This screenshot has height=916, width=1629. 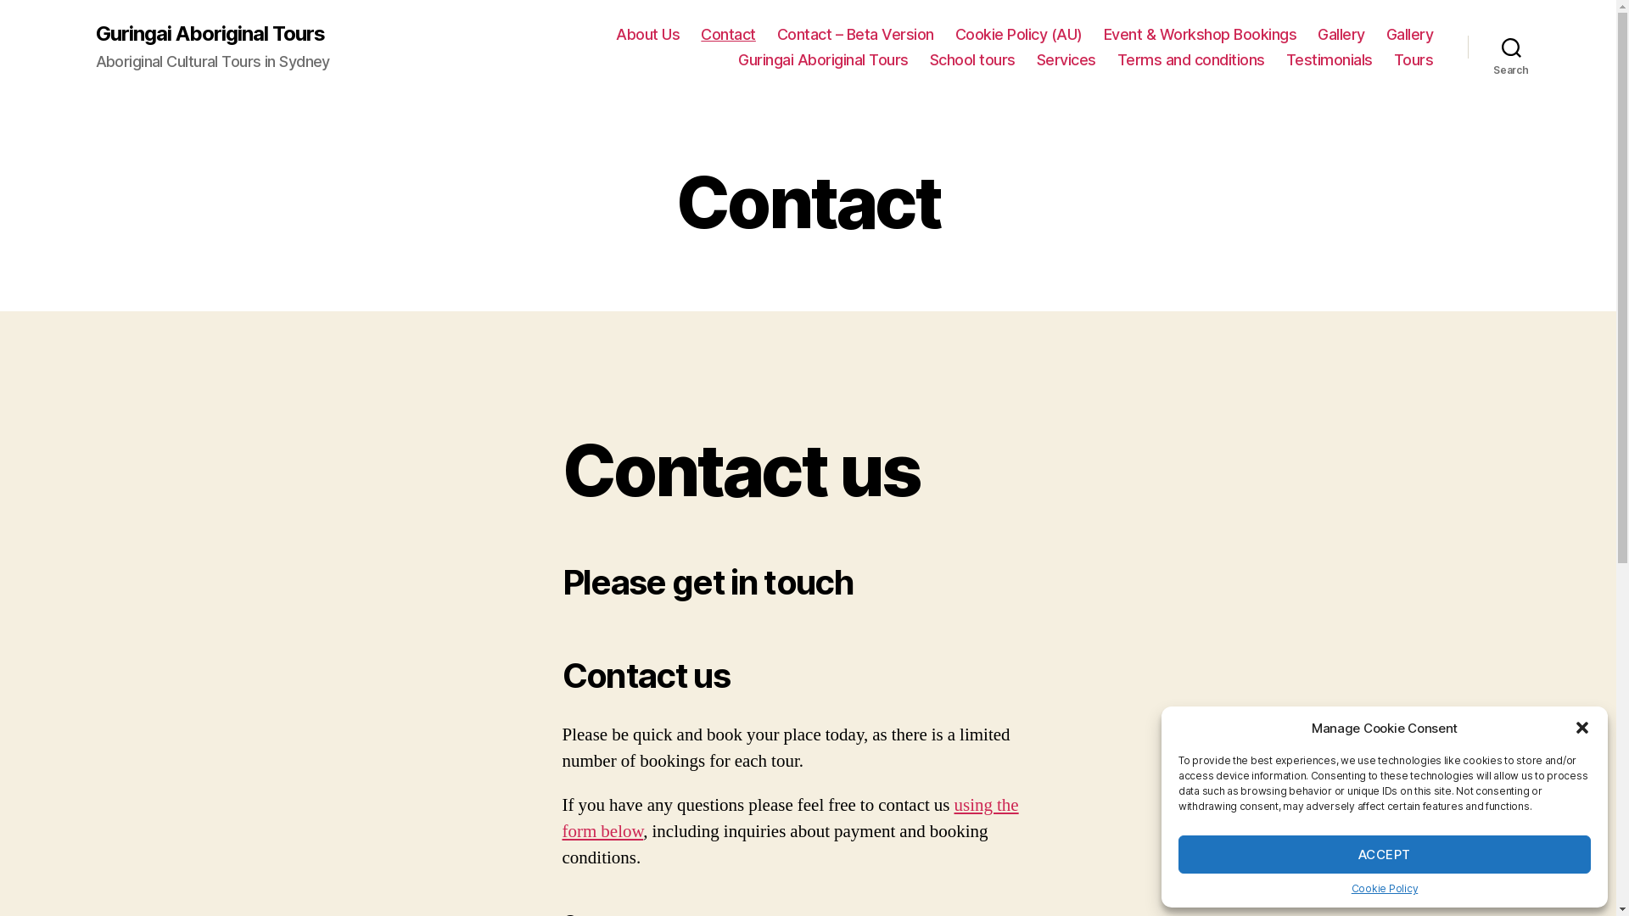 What do you see at coordinates (647, 35) in the screenshot?
I see `'About Us'` at bounding box center [647, 35].